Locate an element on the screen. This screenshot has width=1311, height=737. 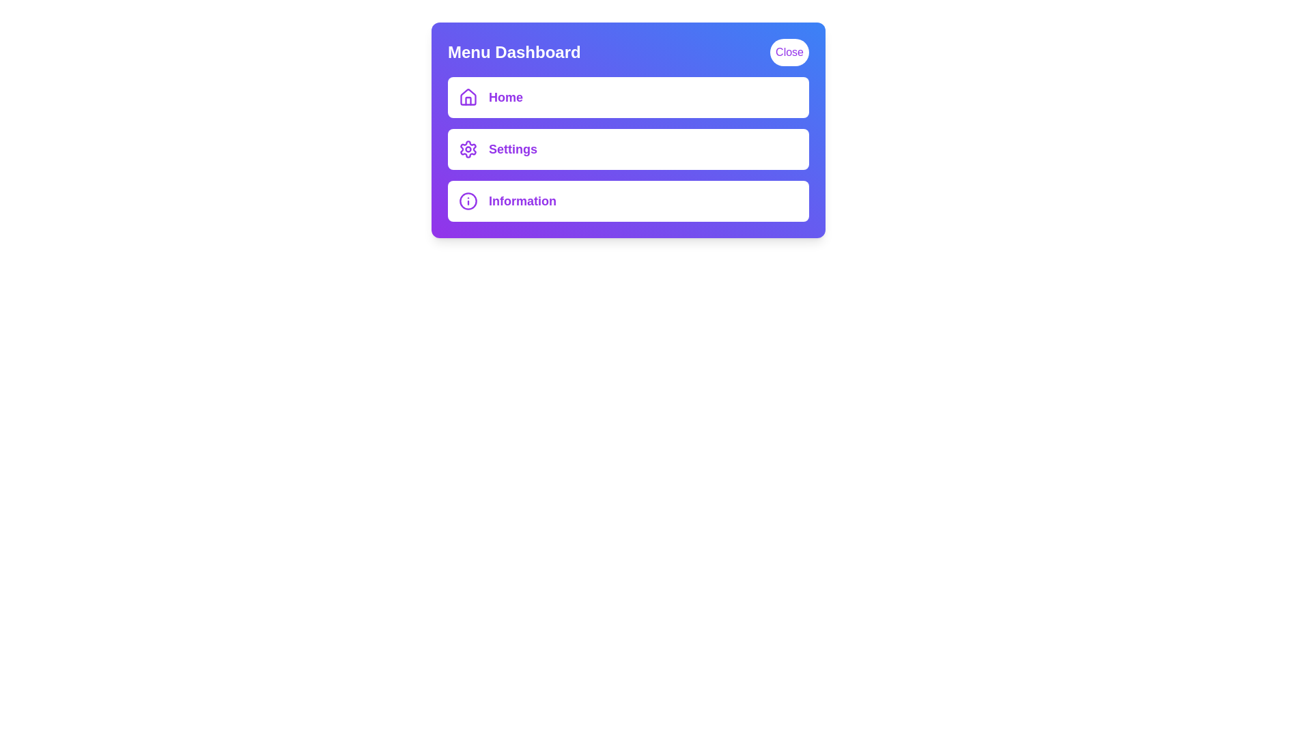
the menu item labeled Settings to display its tooltip is located at coordinates (628, 149).